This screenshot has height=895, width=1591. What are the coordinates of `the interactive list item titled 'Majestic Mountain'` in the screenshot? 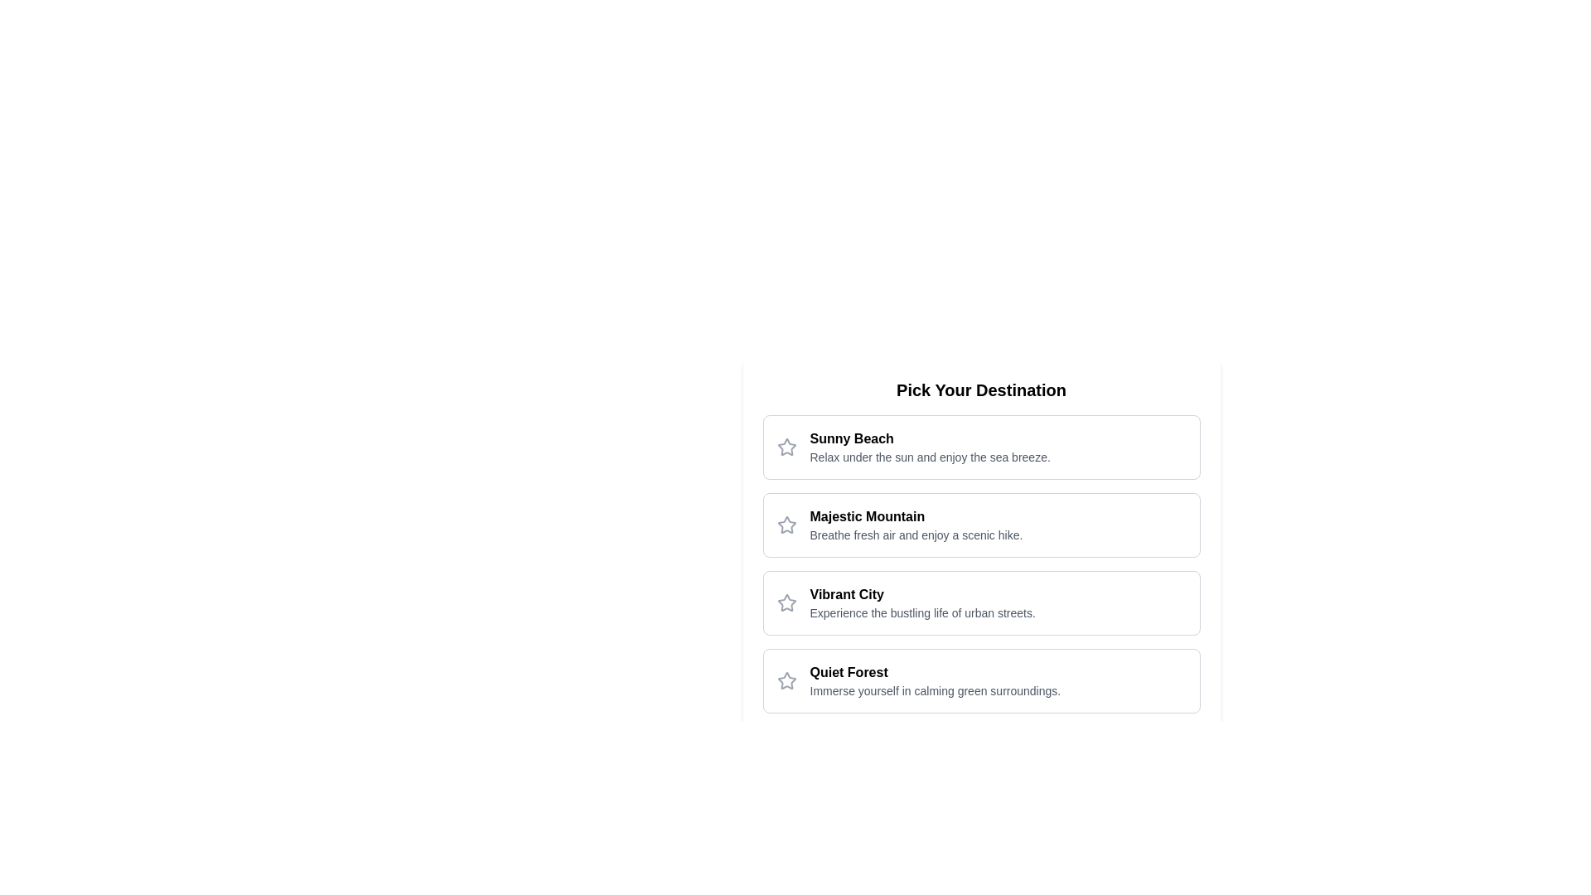 It's located at (981, 546).